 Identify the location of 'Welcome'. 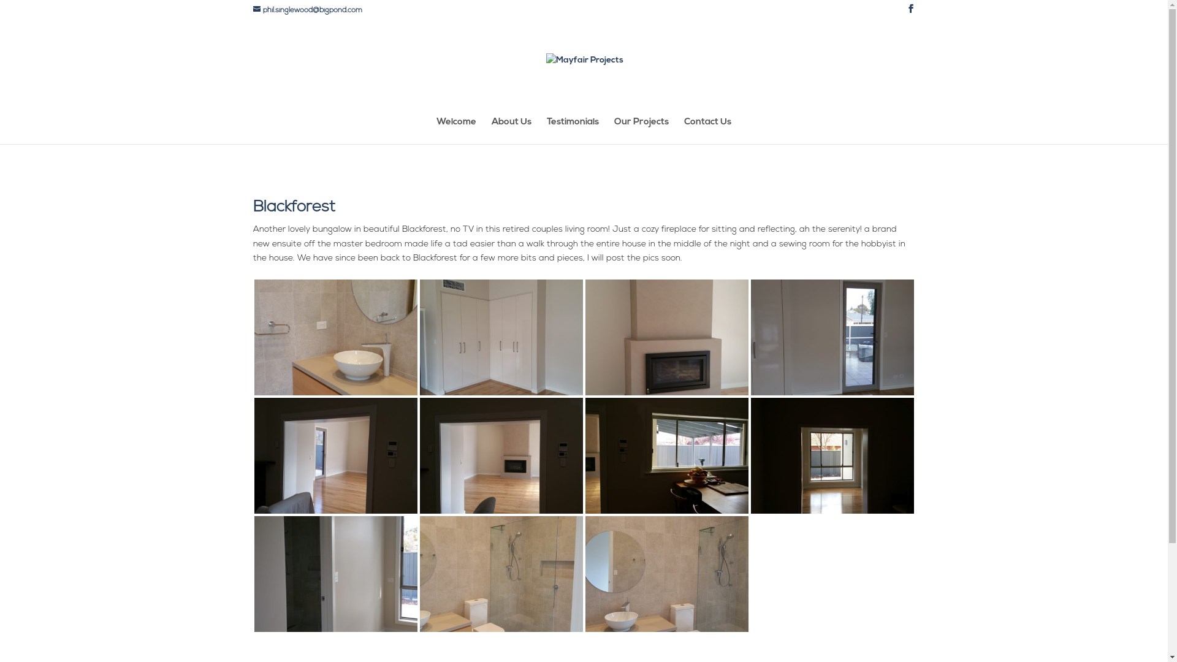
(455, 131).